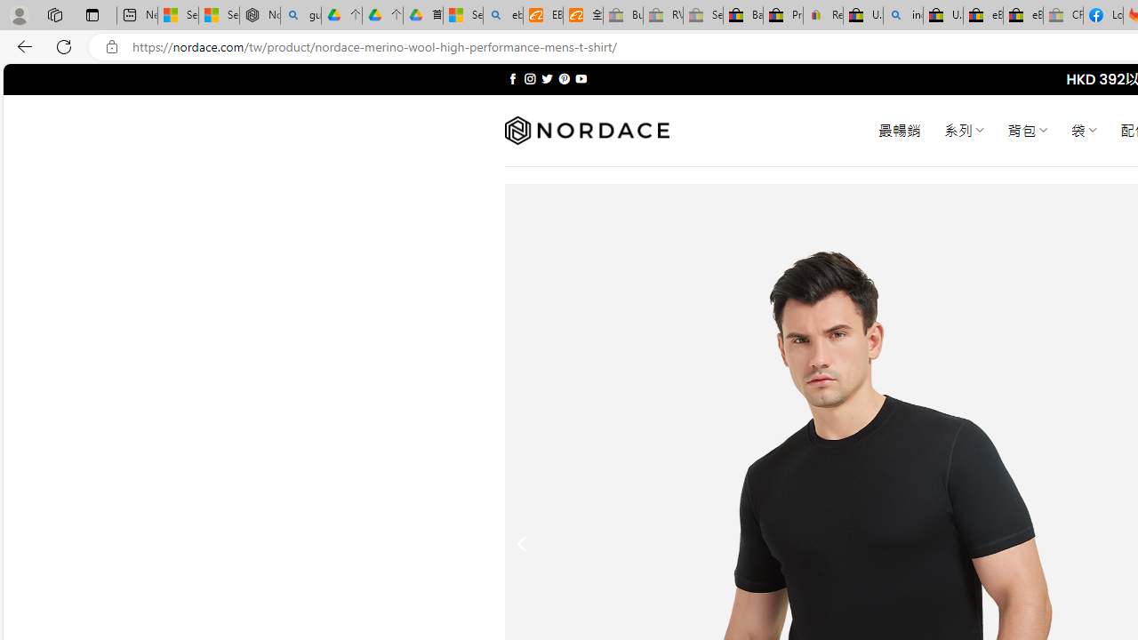 The image size is (1138, 640). I want to click on 'Workspaces', so click(54, 14).